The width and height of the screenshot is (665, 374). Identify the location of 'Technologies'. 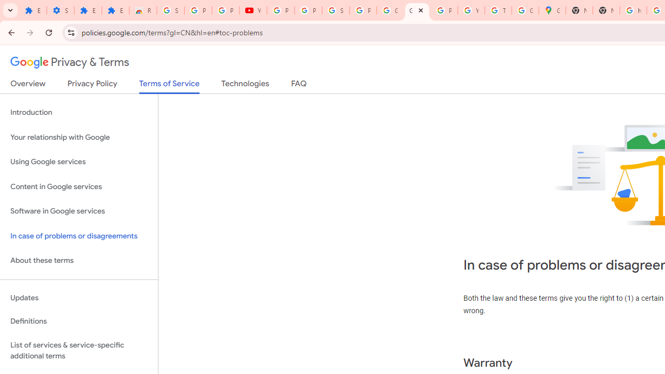
(245, 85).